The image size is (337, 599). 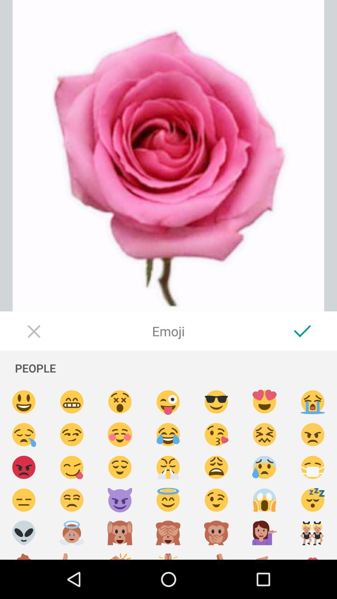 What do you see at coordinates (168, 533) in the screenshot?
I see `see no evil monkey` at bounding box center [168, 533].